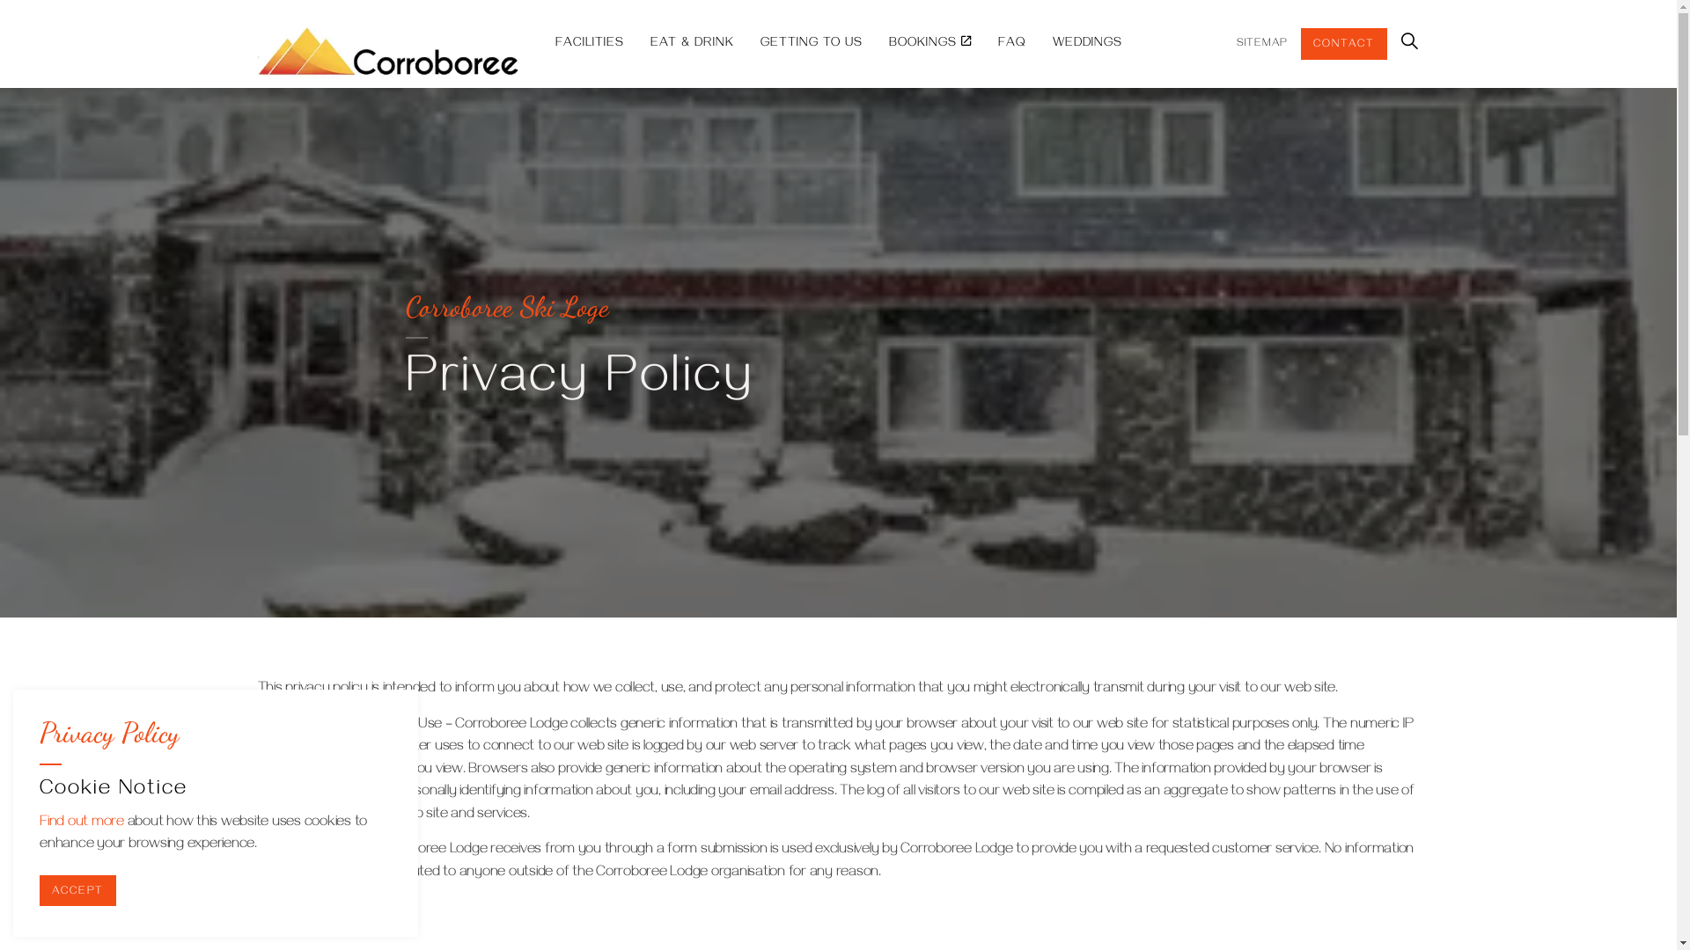 The height and width of the screenshot is (950, 1690). What do you see at coordinates (80, 823) in the screenshot?
I see `'Find out more'` at bounding box center [80, 823].